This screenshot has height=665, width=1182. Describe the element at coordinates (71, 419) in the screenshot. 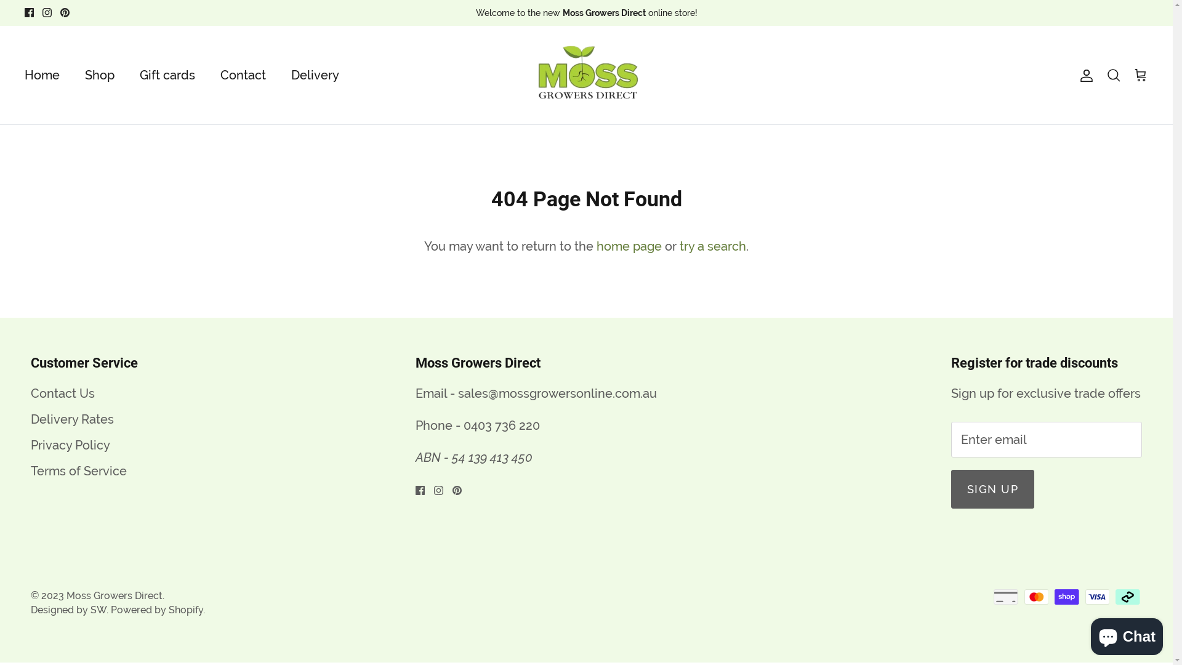

I see `'Delivery Rates'` at that location.